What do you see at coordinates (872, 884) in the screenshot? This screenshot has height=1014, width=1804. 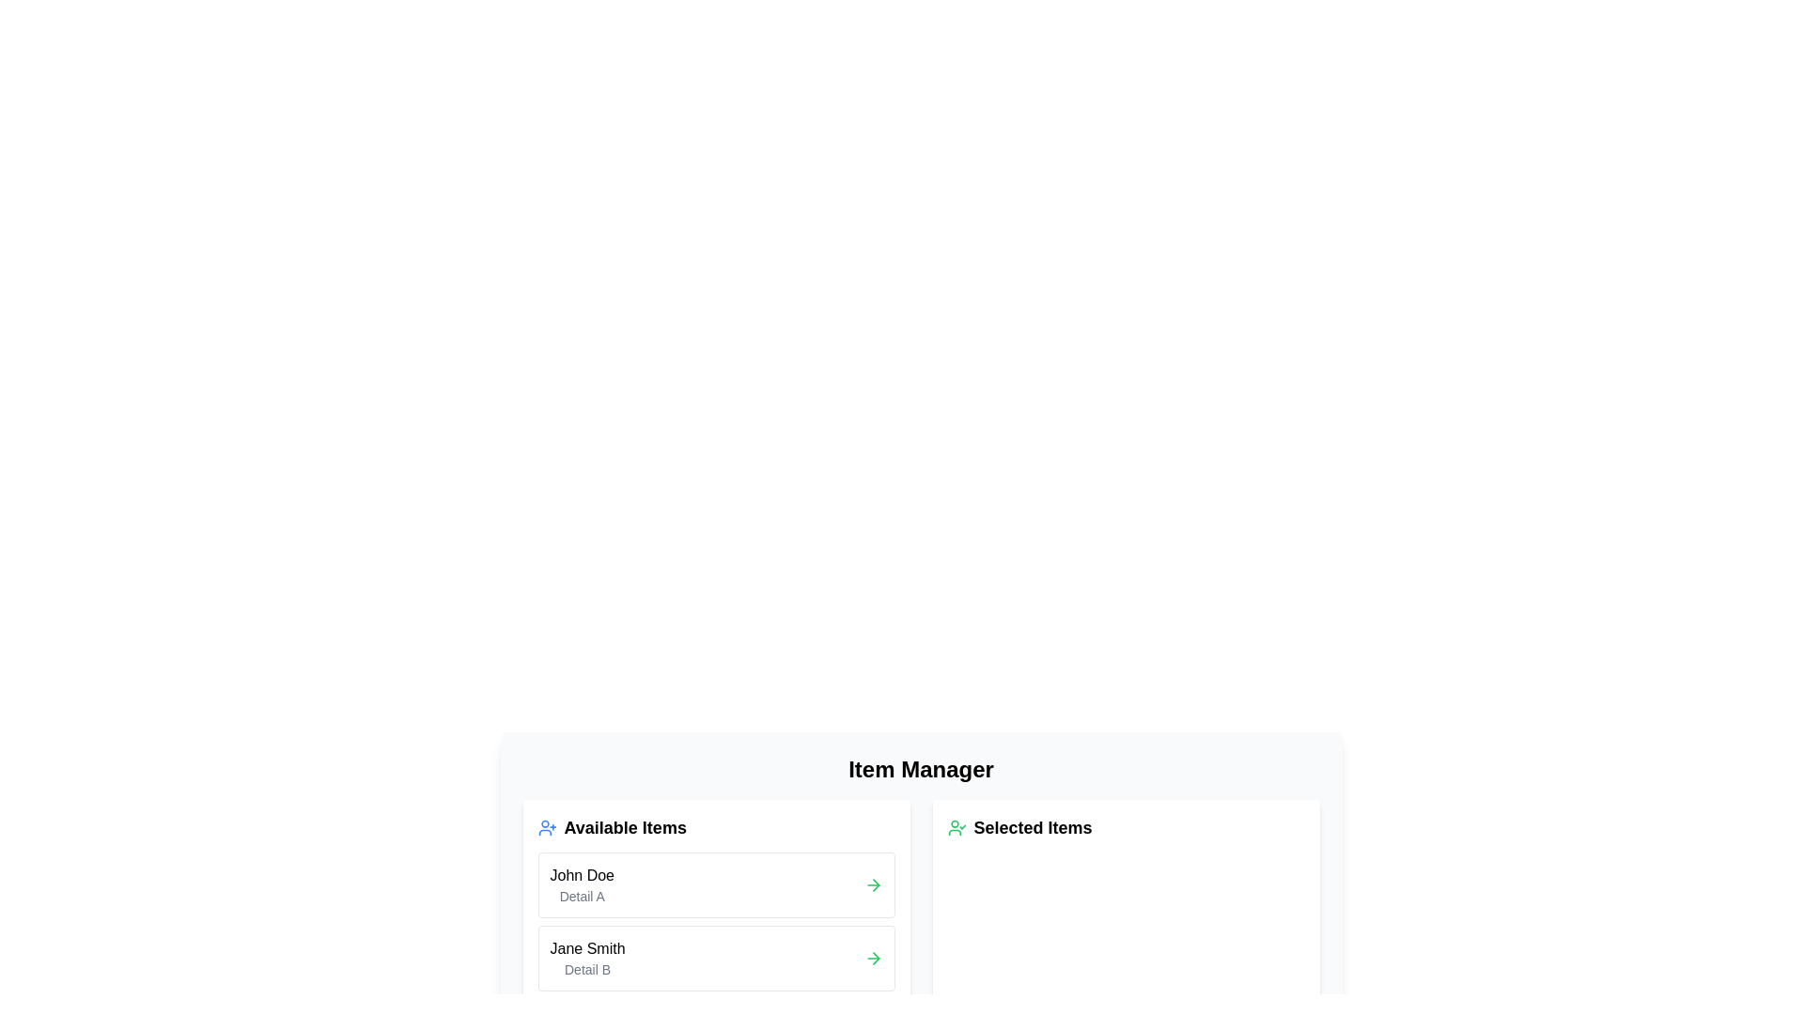 I see `the Right Arrow SVG Icon, which is located at the far-right side of the box containing the text 'John Doe' and 'Detail A'` at bounding box center [872, 884].